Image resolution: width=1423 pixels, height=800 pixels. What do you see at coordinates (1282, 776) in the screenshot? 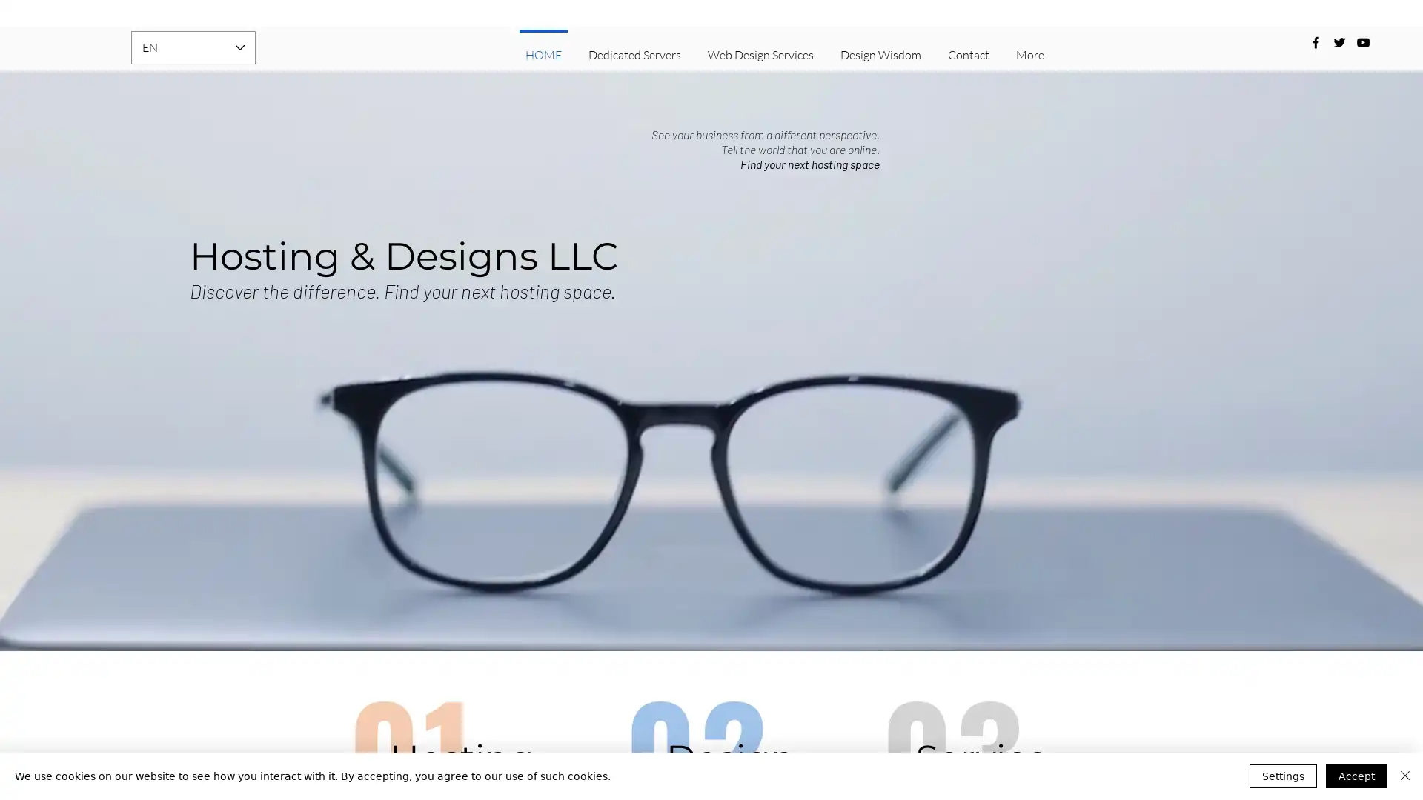
I see `Settings` at bounding box center [1282, 776].